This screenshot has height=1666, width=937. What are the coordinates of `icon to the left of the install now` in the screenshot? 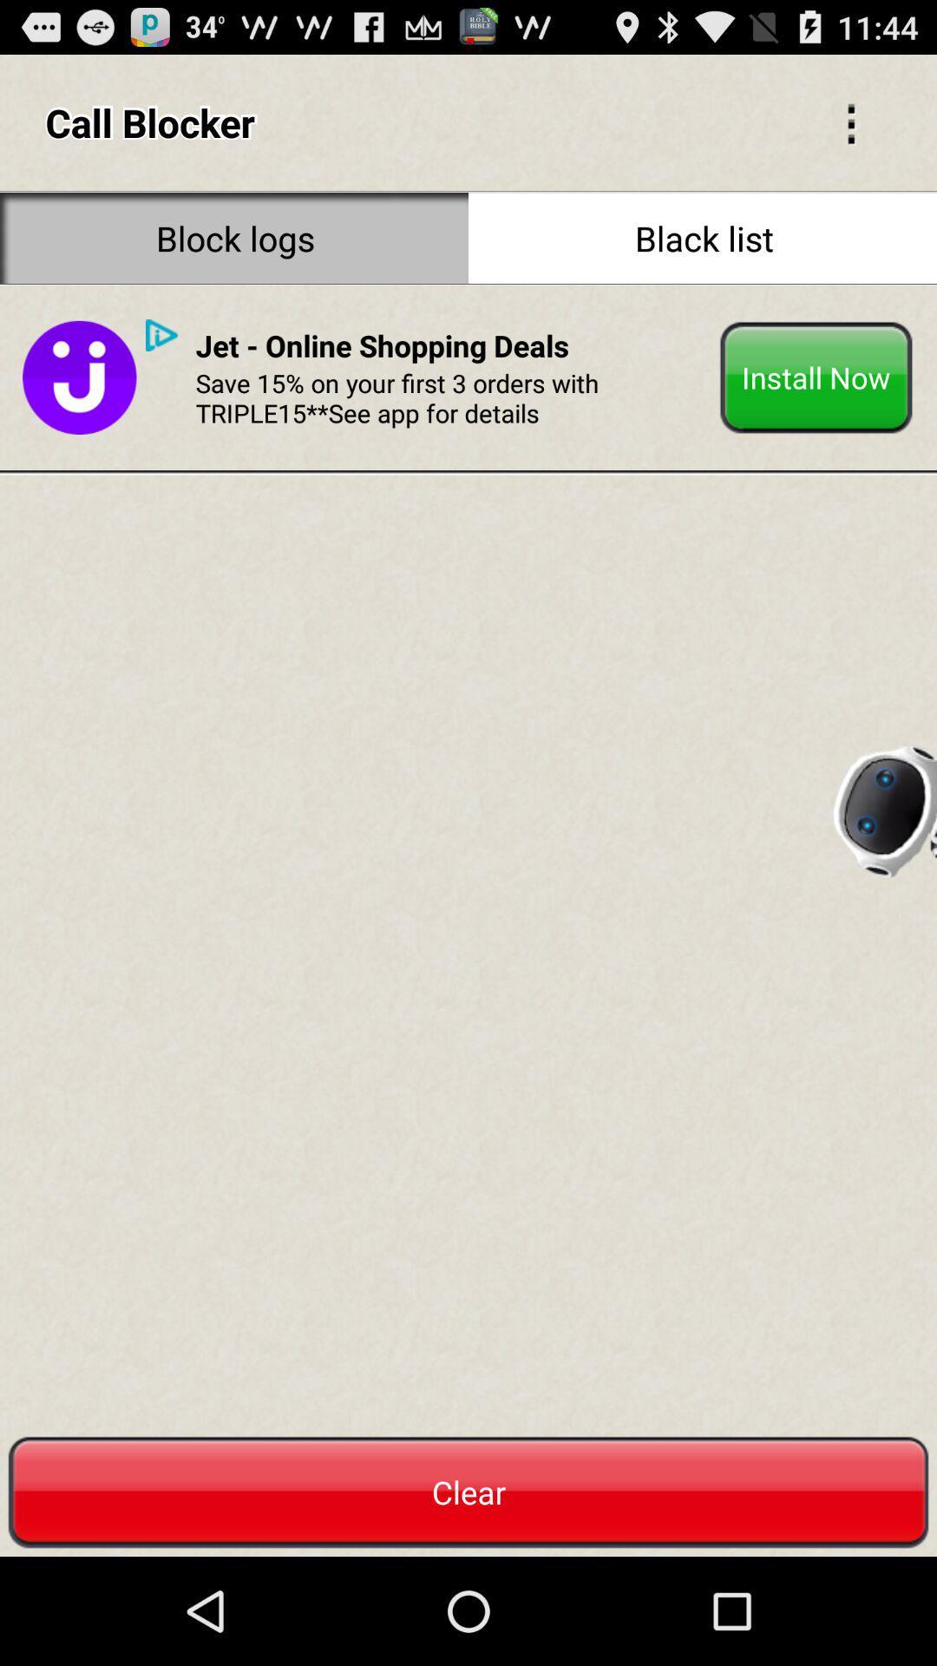 It's located at (450, 397).